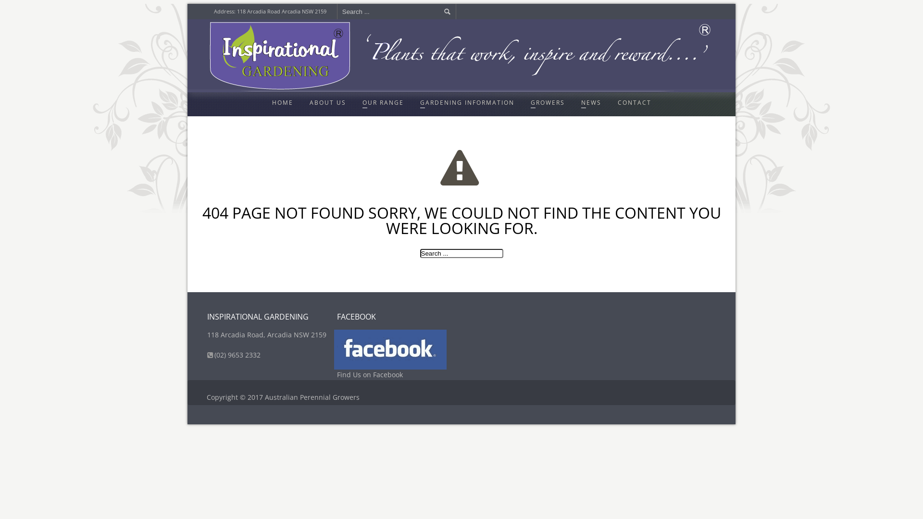 The height and width of the screenshot is (519, 923). I want to click on 'HOME', so click(282, 102).